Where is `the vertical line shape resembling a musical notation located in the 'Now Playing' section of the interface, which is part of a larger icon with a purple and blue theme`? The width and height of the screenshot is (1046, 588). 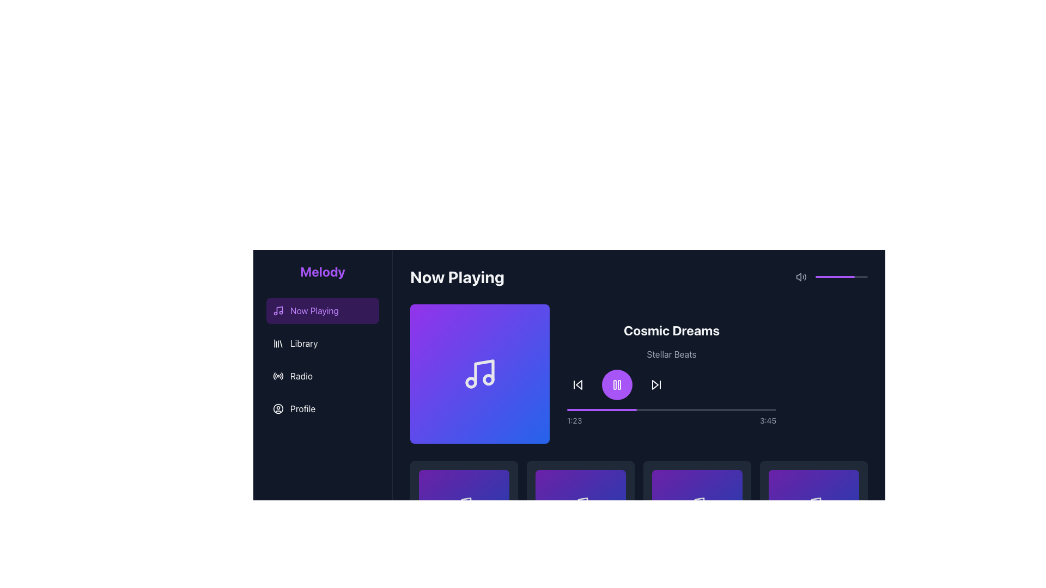
the vertical line shape resembling a musical notation located in the 'Now Playing' section of the interface, which is part of a larger icon with a purple and blue theme is located at coordinates (483, 371).